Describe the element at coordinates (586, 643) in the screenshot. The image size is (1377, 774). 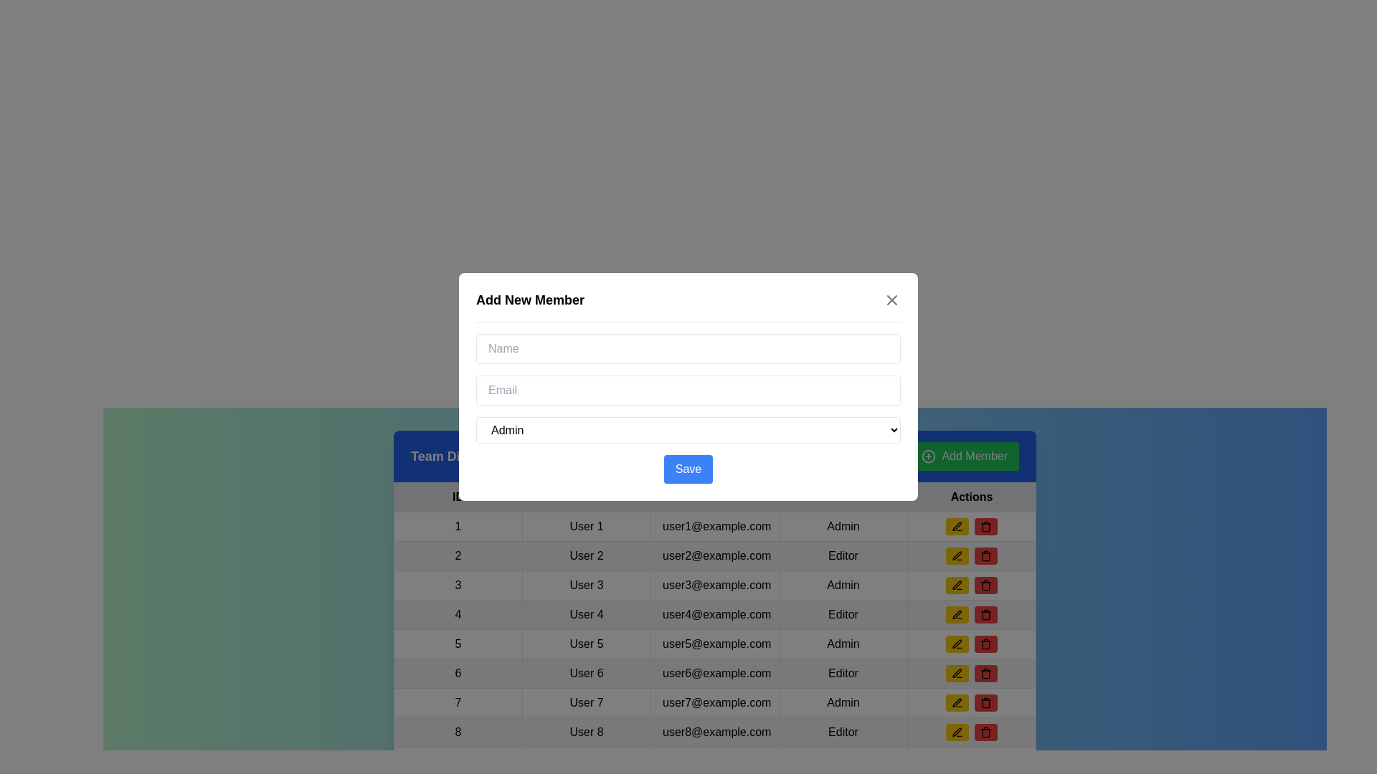
I see `the table cell containing the text 'User 5' in the fifth row and second column` at that location.